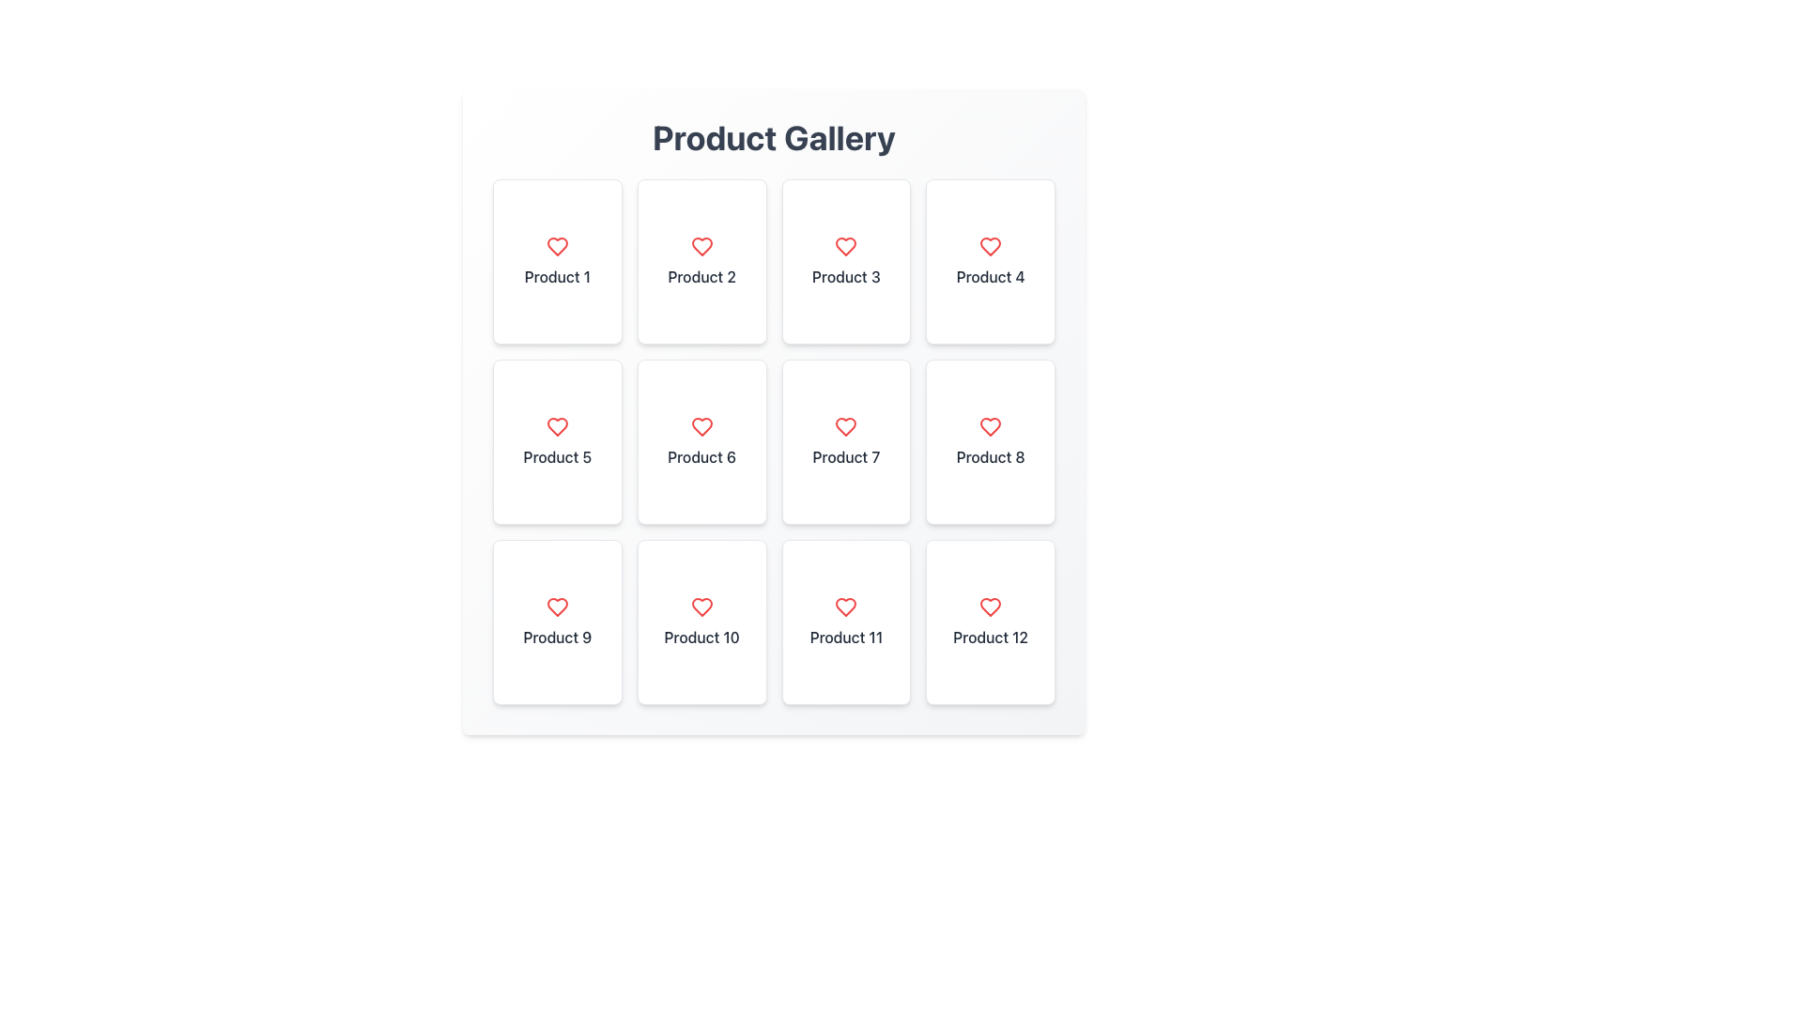 The width and height of the screenshot is (1803, 1014). What do you see at coordinates (845, 636) in the screenshot?
I see `static text label displaying 'Product 11' located in the eleventh card of a grid layout, which is centered inside the card` at bounding box center [845, 636].